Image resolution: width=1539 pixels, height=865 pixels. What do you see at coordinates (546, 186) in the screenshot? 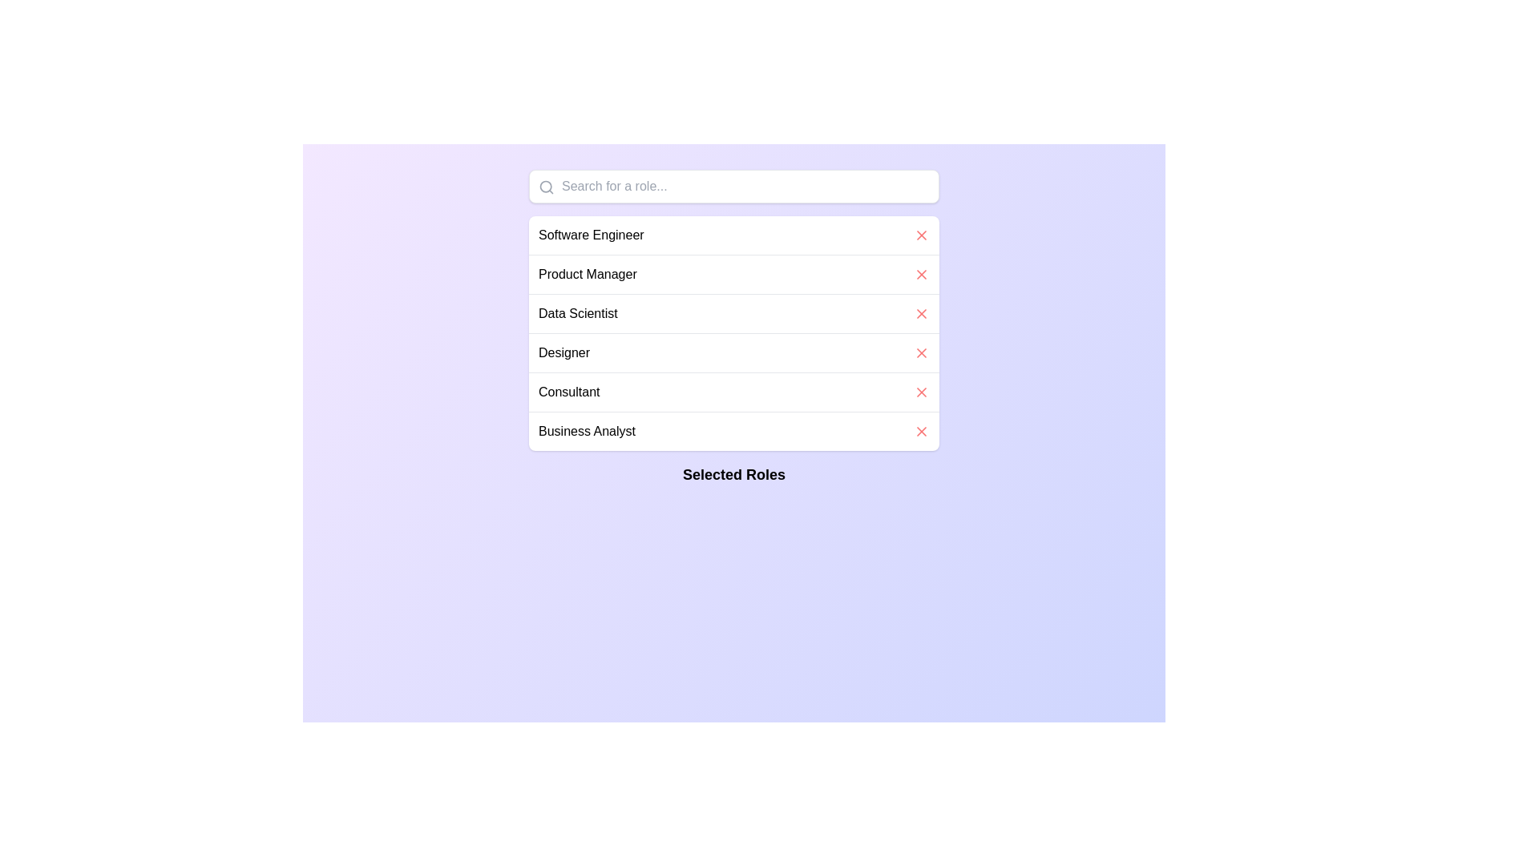
I see `the circle element of the magnifying glass icon located to the top left of the search bar labeled 'Search for a role...'` at bounding box center [546, 186].